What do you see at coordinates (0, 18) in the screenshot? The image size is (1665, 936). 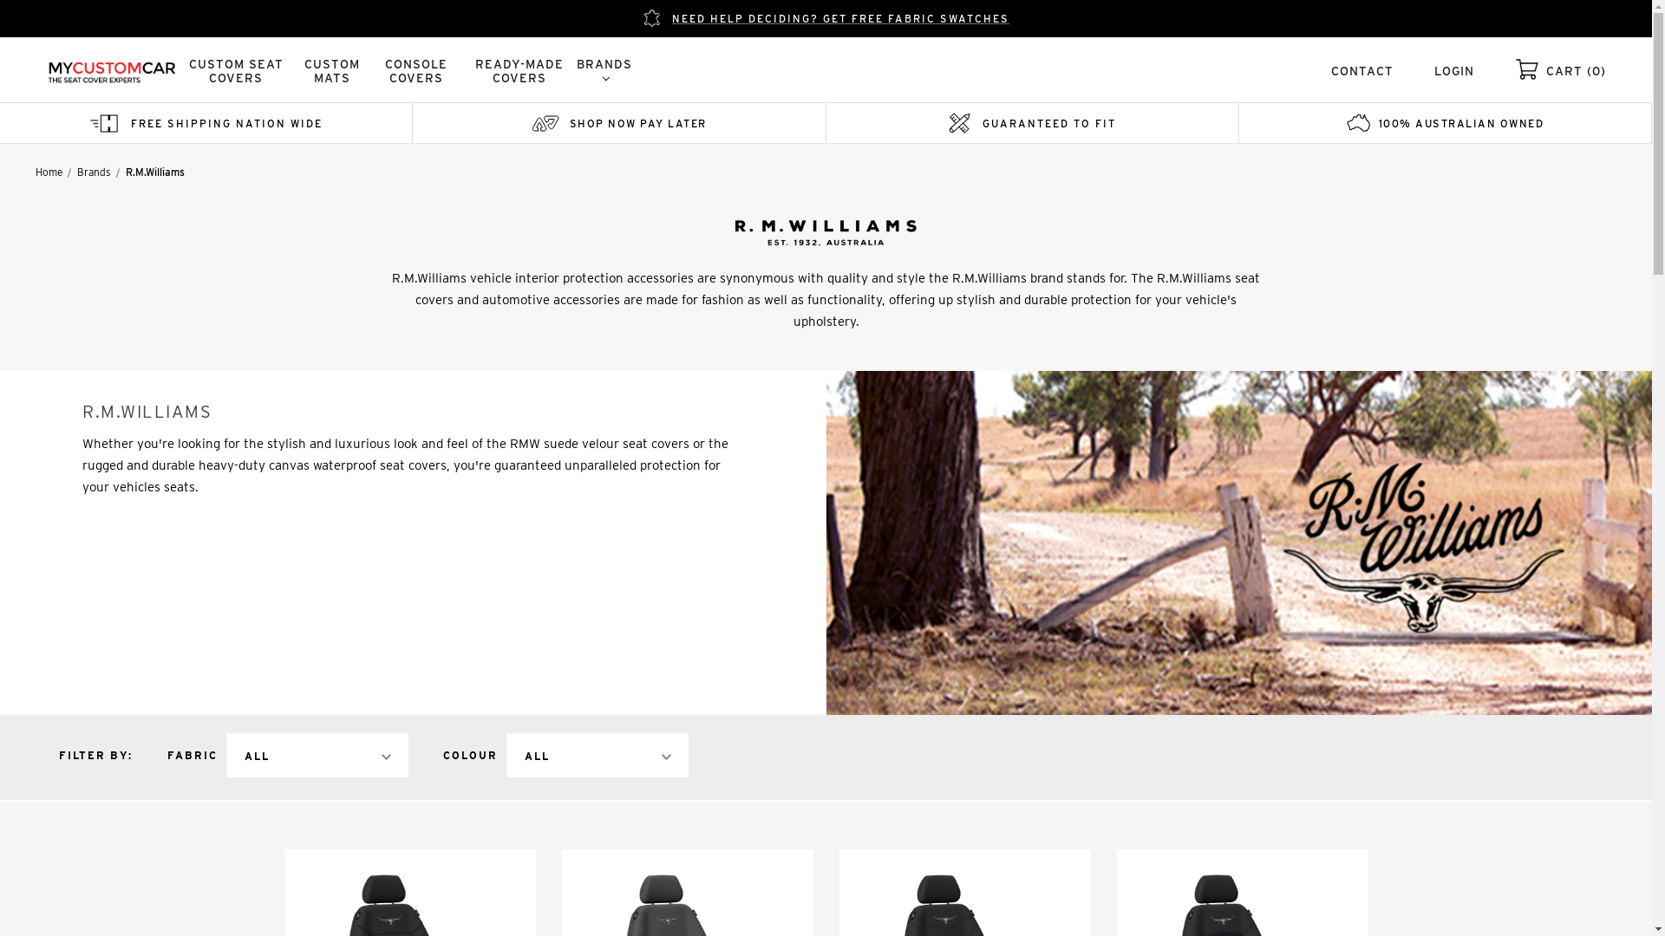 I see `'NEED HELP DECIDING? GET FREE FABRIC SWATCHES'` at bounding box center [0, 18].